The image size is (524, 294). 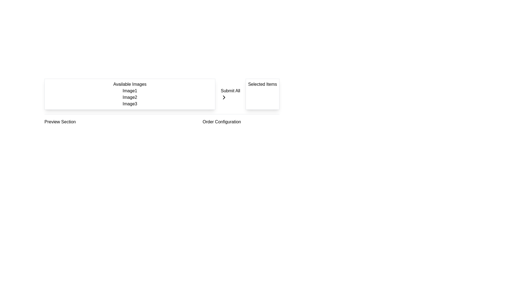 What do you see at coordinates (129, 97) in the screenshot?
I see `the image Image2 in the 'Available Images' list` at bounding box center [129, 97].